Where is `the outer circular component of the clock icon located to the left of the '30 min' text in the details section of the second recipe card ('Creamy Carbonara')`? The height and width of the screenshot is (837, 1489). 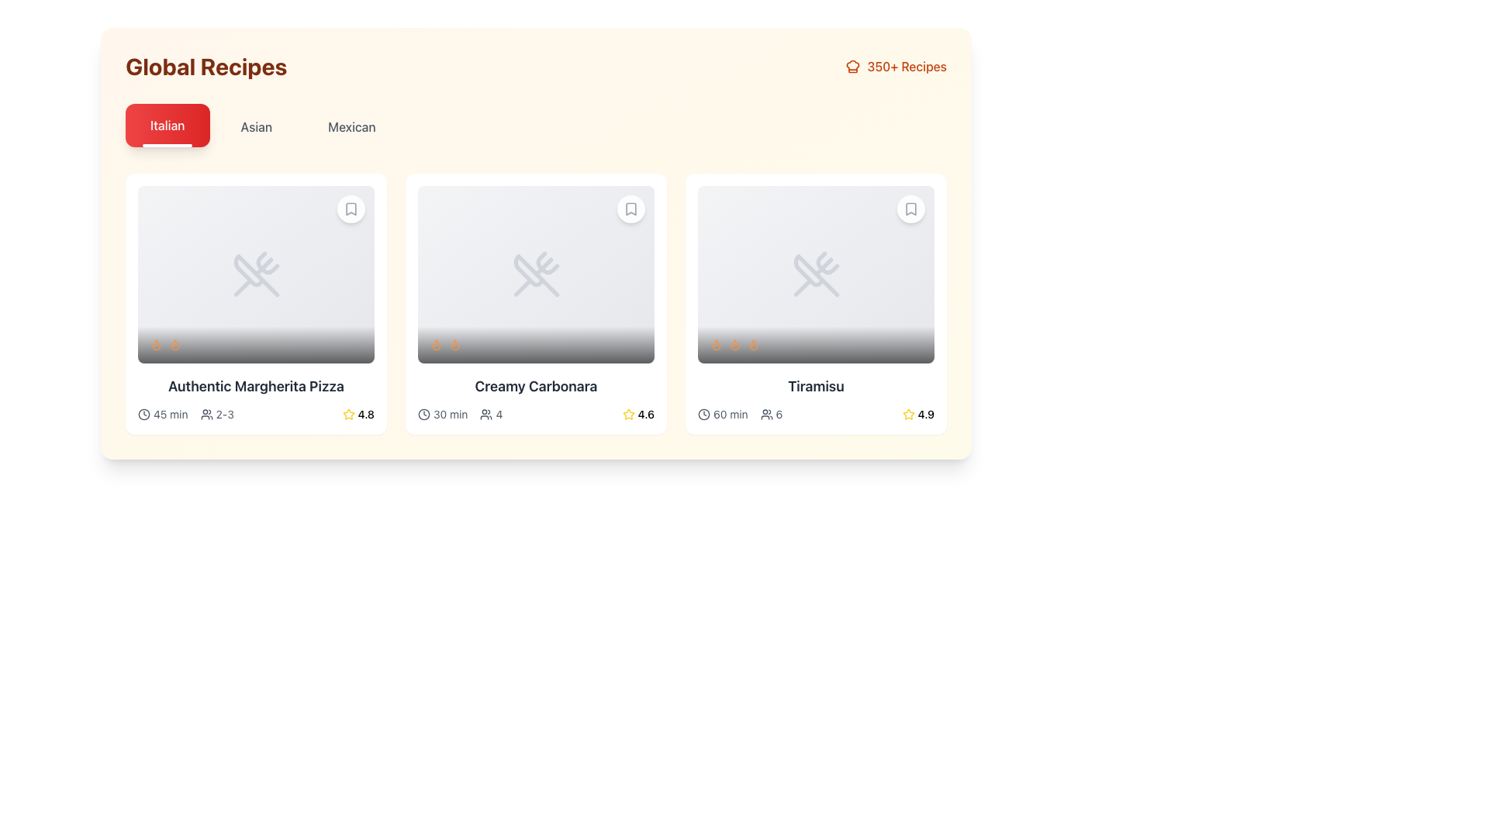
the outer circular component of the clock icon located to the left of the '30 min' text in the details section of the second recipe card ('Creamy Carbonara') is located at coordinates (424, 413).